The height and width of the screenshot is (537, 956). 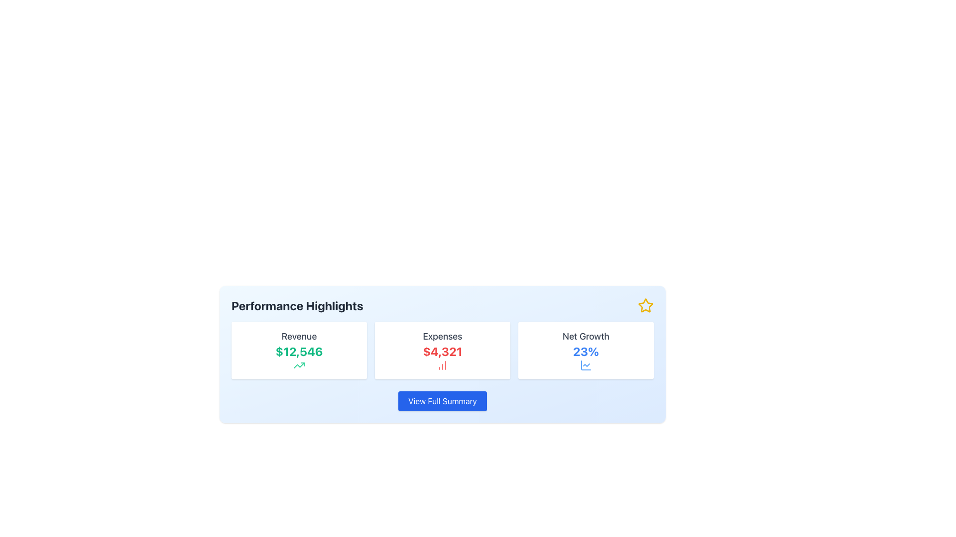 What do you see at coordinates (442, 365) in the screenshot?
I see `the small red bar chart icon located in the Expenses section, directly beneath the text '$4,321'` at bounding box center [442, 365].